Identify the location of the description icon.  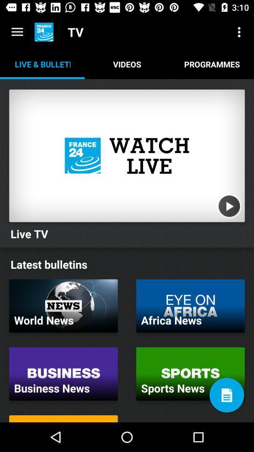
(226, 395).